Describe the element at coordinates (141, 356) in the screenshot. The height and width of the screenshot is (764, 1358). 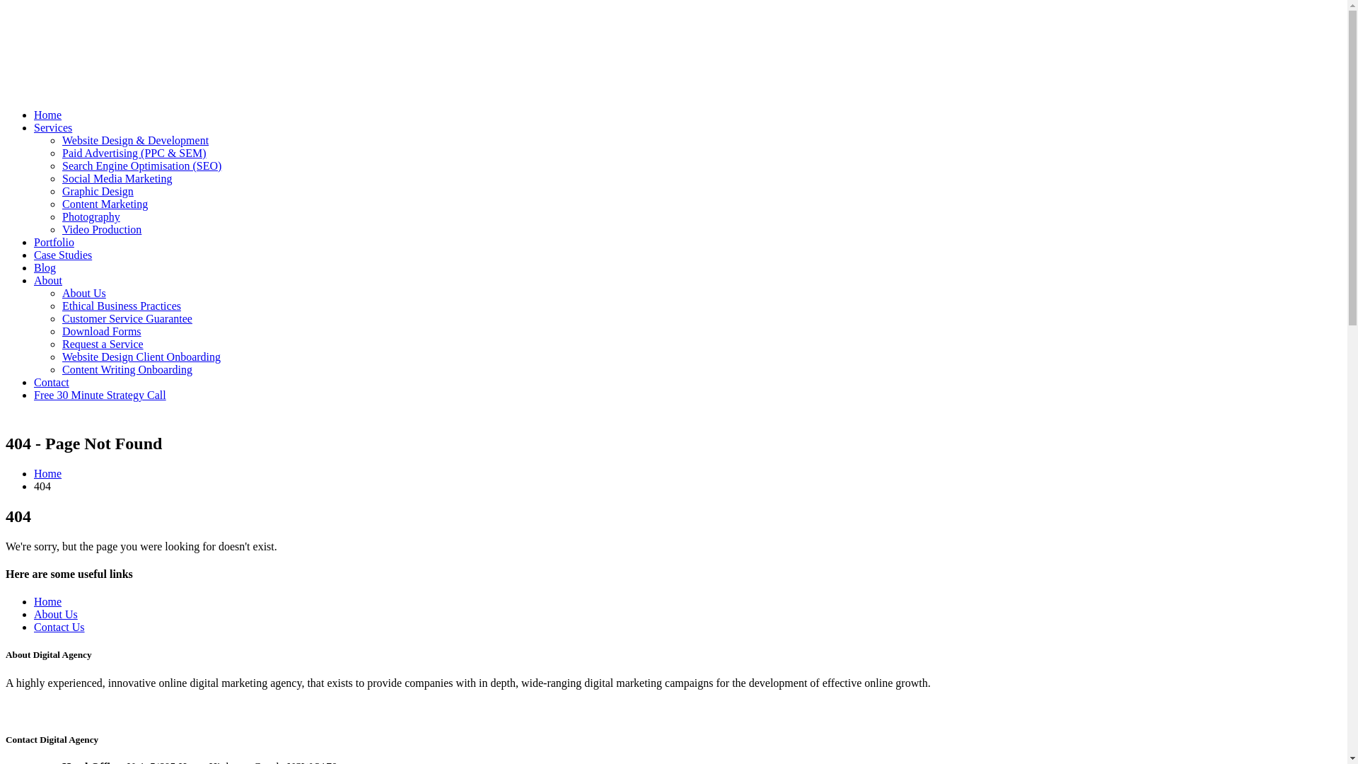
I see `'Website Design Client Onboarding'` at that location.